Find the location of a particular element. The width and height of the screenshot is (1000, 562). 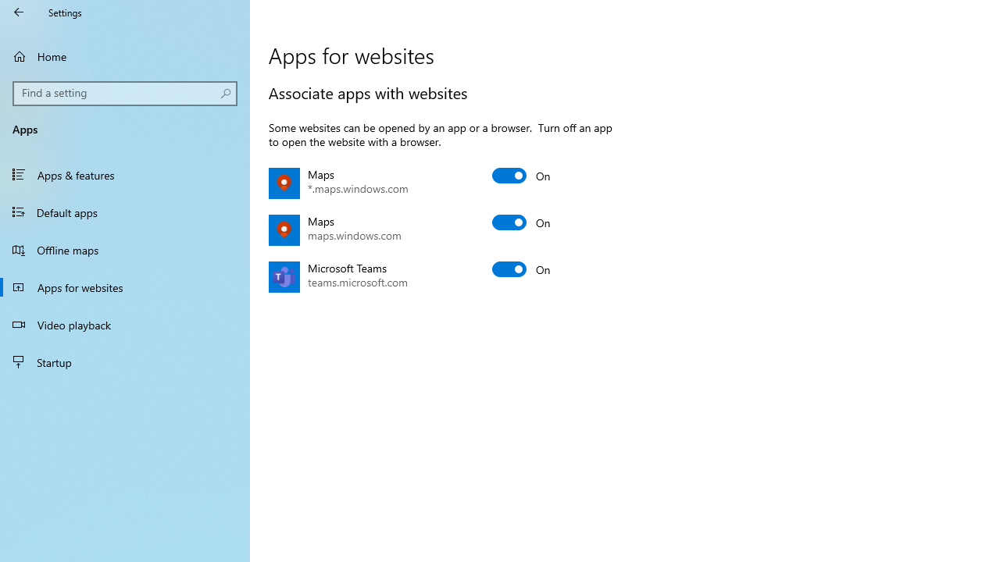

'Default apps' is located at coordinates (125, 212).